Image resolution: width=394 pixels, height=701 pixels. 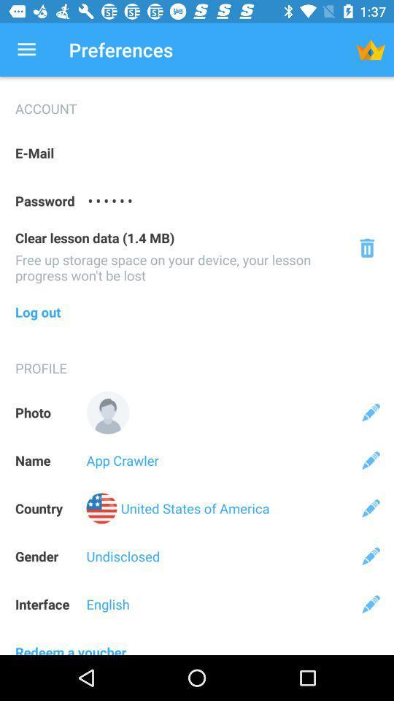 What do you see at coordinates (371, 508) in the screenshot?
I see `change the country` at bounding box center [371, 508].